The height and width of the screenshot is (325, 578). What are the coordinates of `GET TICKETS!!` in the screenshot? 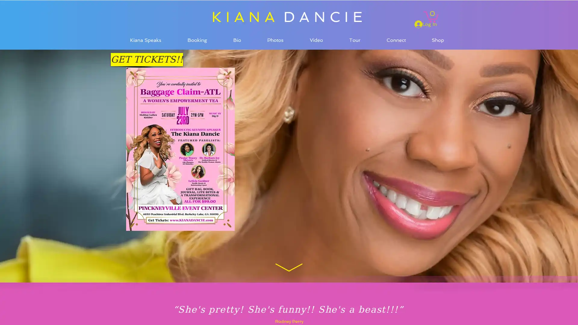 It's located at (147, 59).